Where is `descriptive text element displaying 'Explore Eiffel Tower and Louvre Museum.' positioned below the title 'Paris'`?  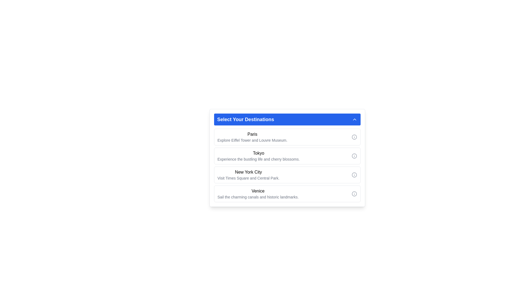 descriptive text element displaying 'Explore Eiffel Tower and Louvre Museum.' positioned below the title 'Paris' is located at coordinates (252, 140).